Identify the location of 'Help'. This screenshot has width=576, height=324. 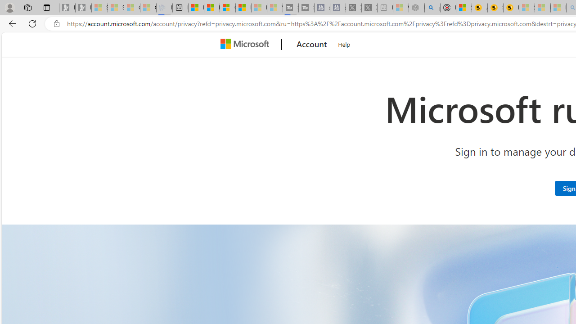
(344, 43).